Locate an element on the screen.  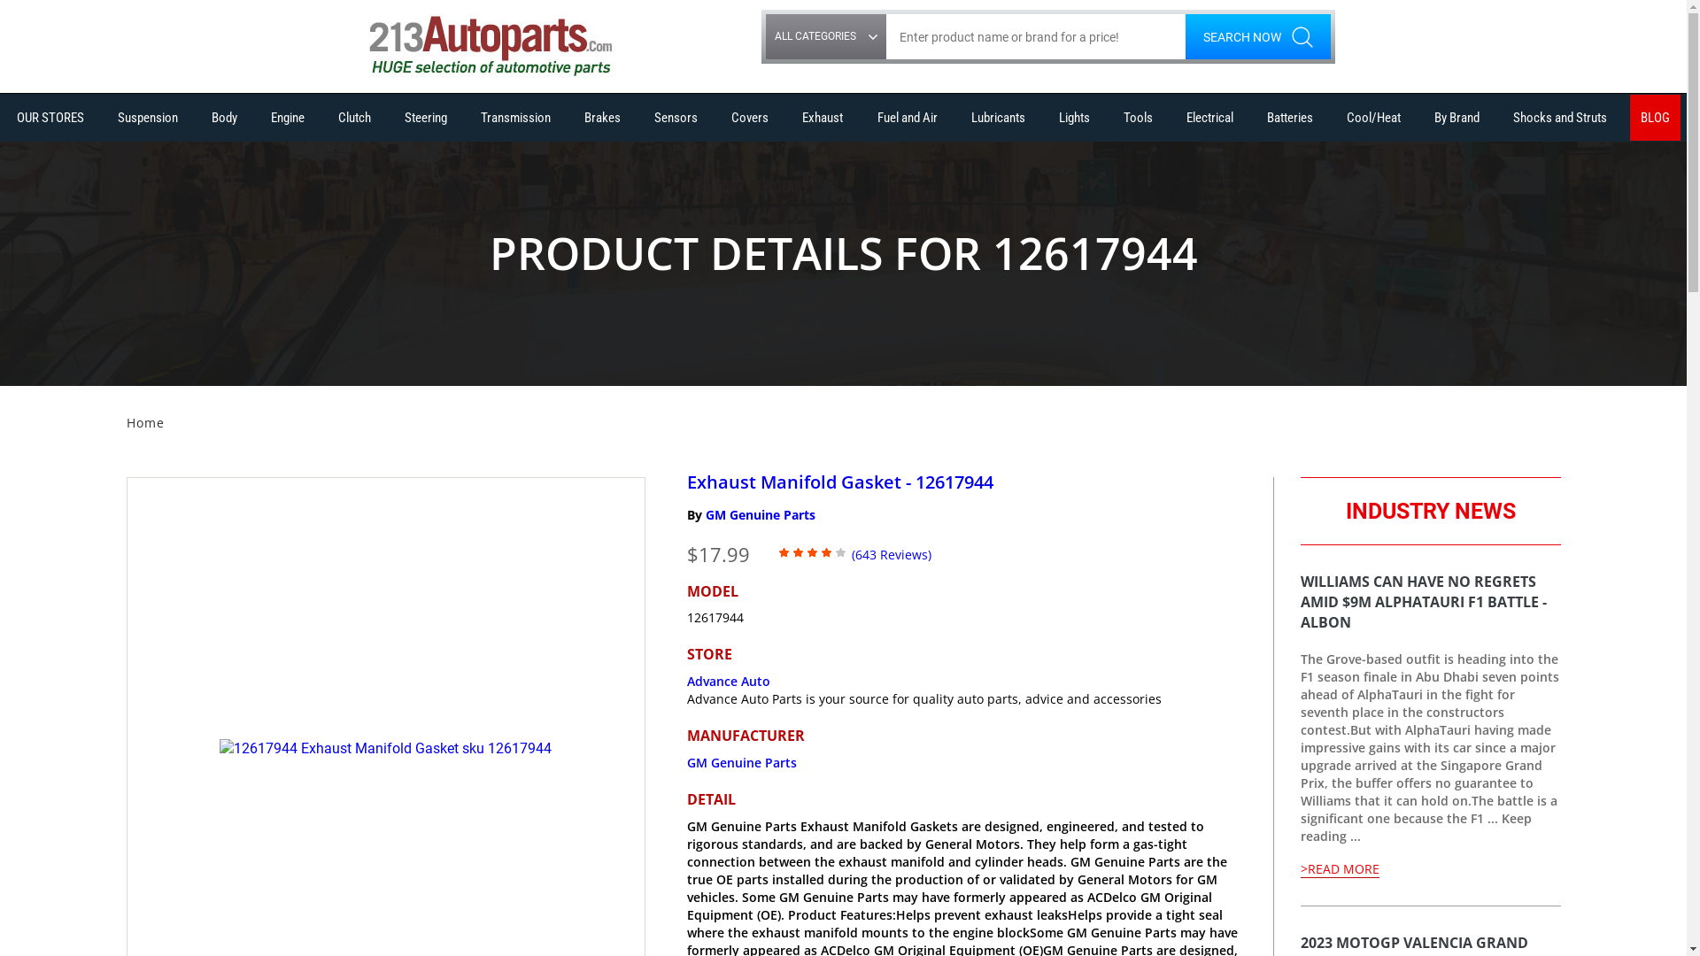
'Electrical' is located at coordinates (1209, 117).